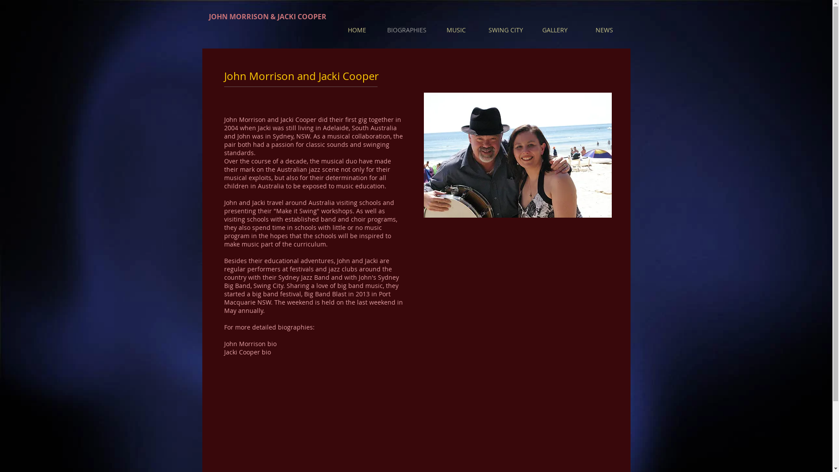 This screenshot has width=839, height=472. I want to click on 'GALLERY', so click(555, 29).